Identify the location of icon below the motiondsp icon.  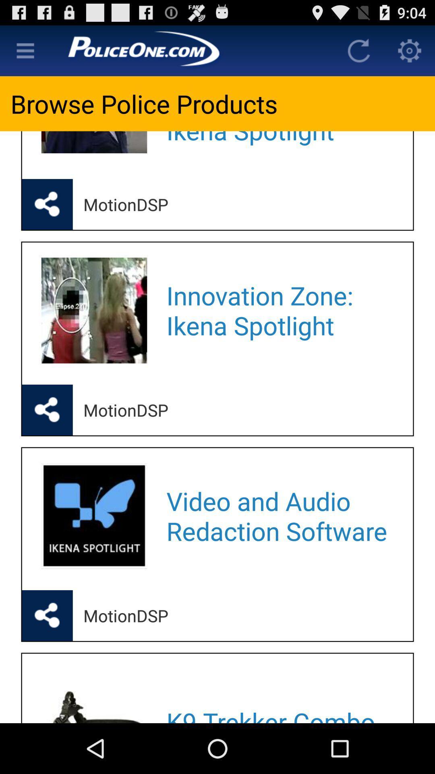
(279, 516).